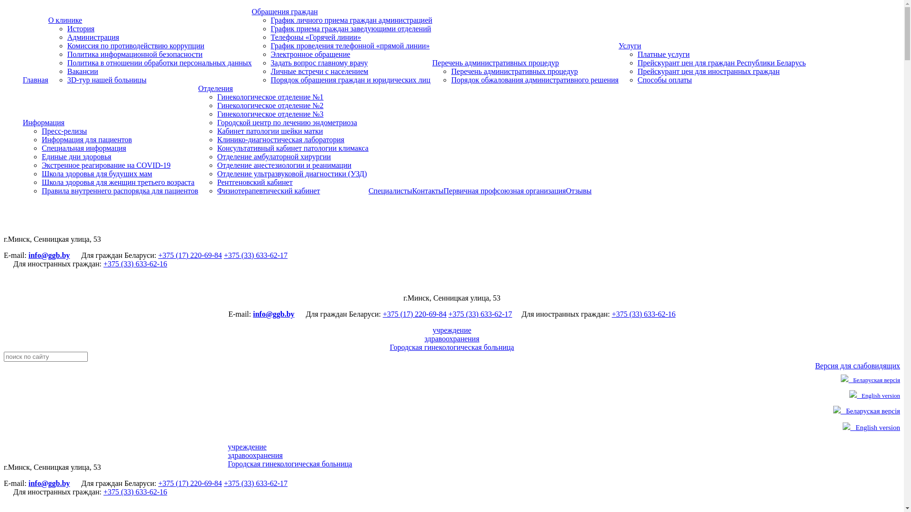 The height and width of the screenshot is (512, 911). What do you see at coordinates (189, 483) in the screenshot?
I see `'+375 (17) 220-69-84'` at bounding box center [189, 483].